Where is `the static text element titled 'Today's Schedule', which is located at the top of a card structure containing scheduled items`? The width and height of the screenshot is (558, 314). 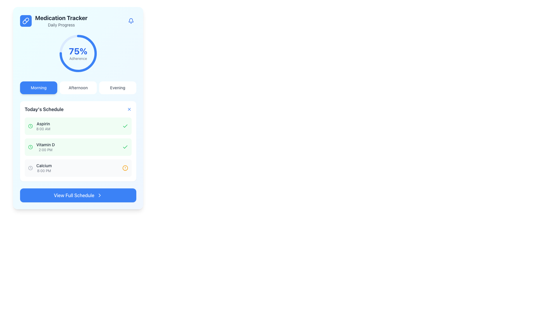 the static text element titled 'Today's Schedule', which is located at the top of a card structure containing scheduled items is located at coordinates (44, 109).